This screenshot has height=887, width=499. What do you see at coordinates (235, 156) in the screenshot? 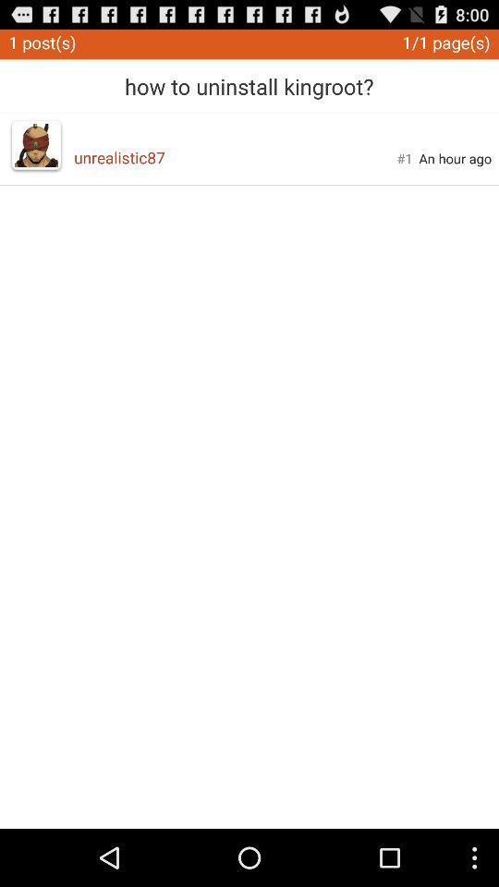
I see `the icon next to #1` at bounding box center [235, 156].